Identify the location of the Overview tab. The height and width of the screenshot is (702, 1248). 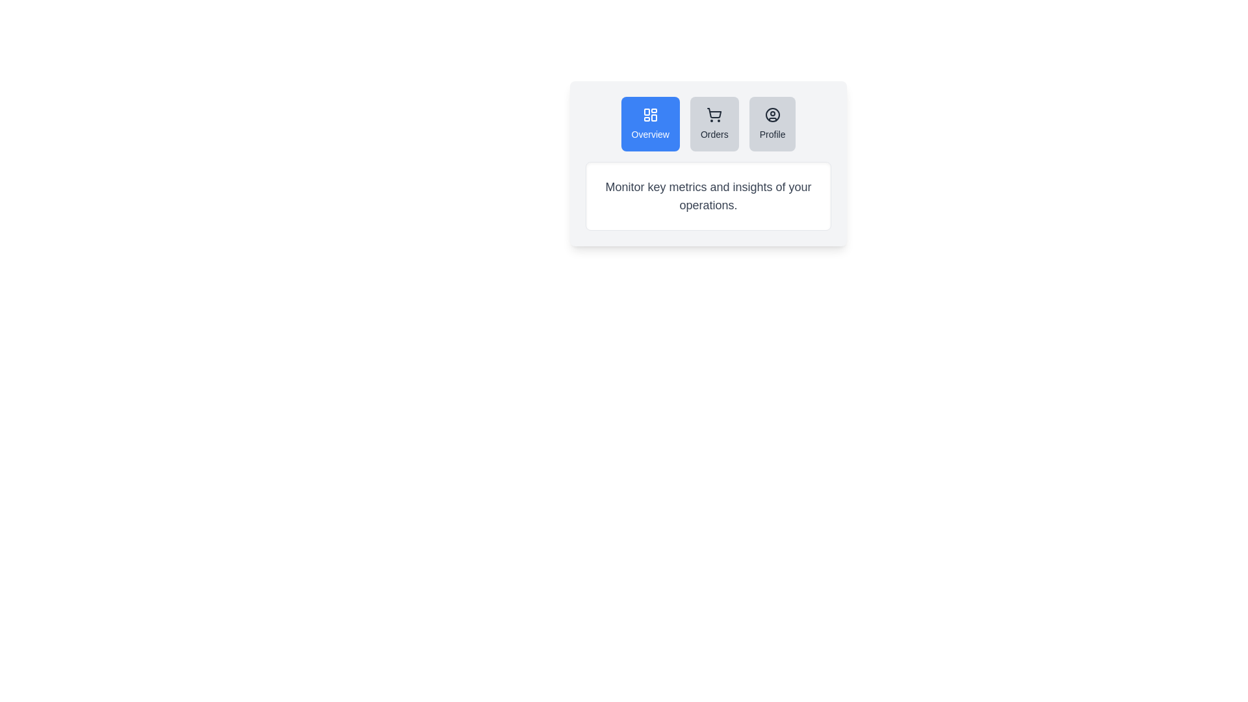
(650, 124).